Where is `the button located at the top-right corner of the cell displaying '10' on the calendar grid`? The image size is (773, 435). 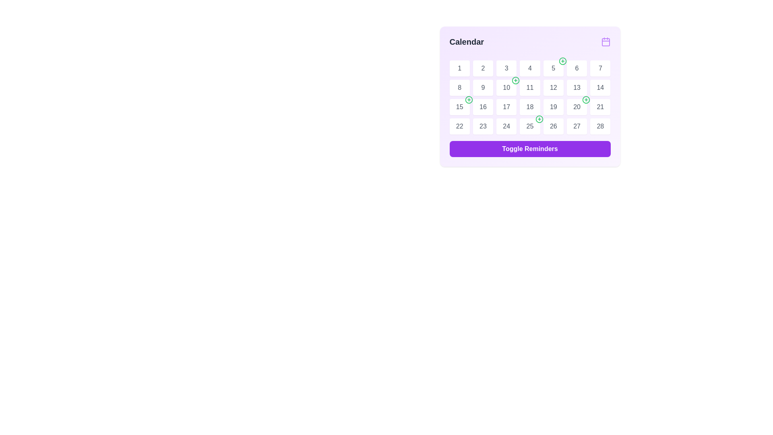 the button located at the top-right corner of the cell displaying '10' on the calendar grid is located at coordinates (516, 81).